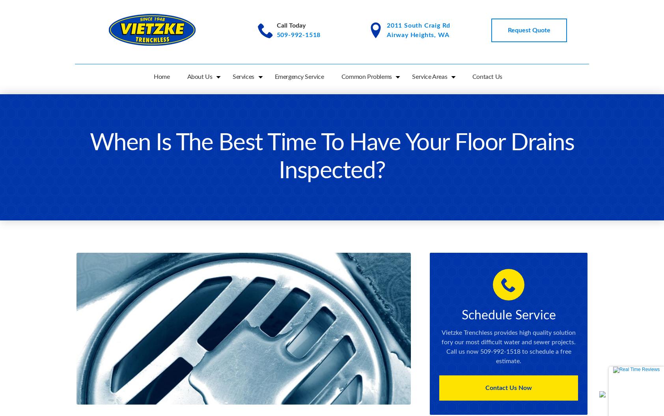 This screenshot has height=416, width=664. Describe the element at coordinates (622, 369) in the screenshot. I see `'Reviews'` at that location.